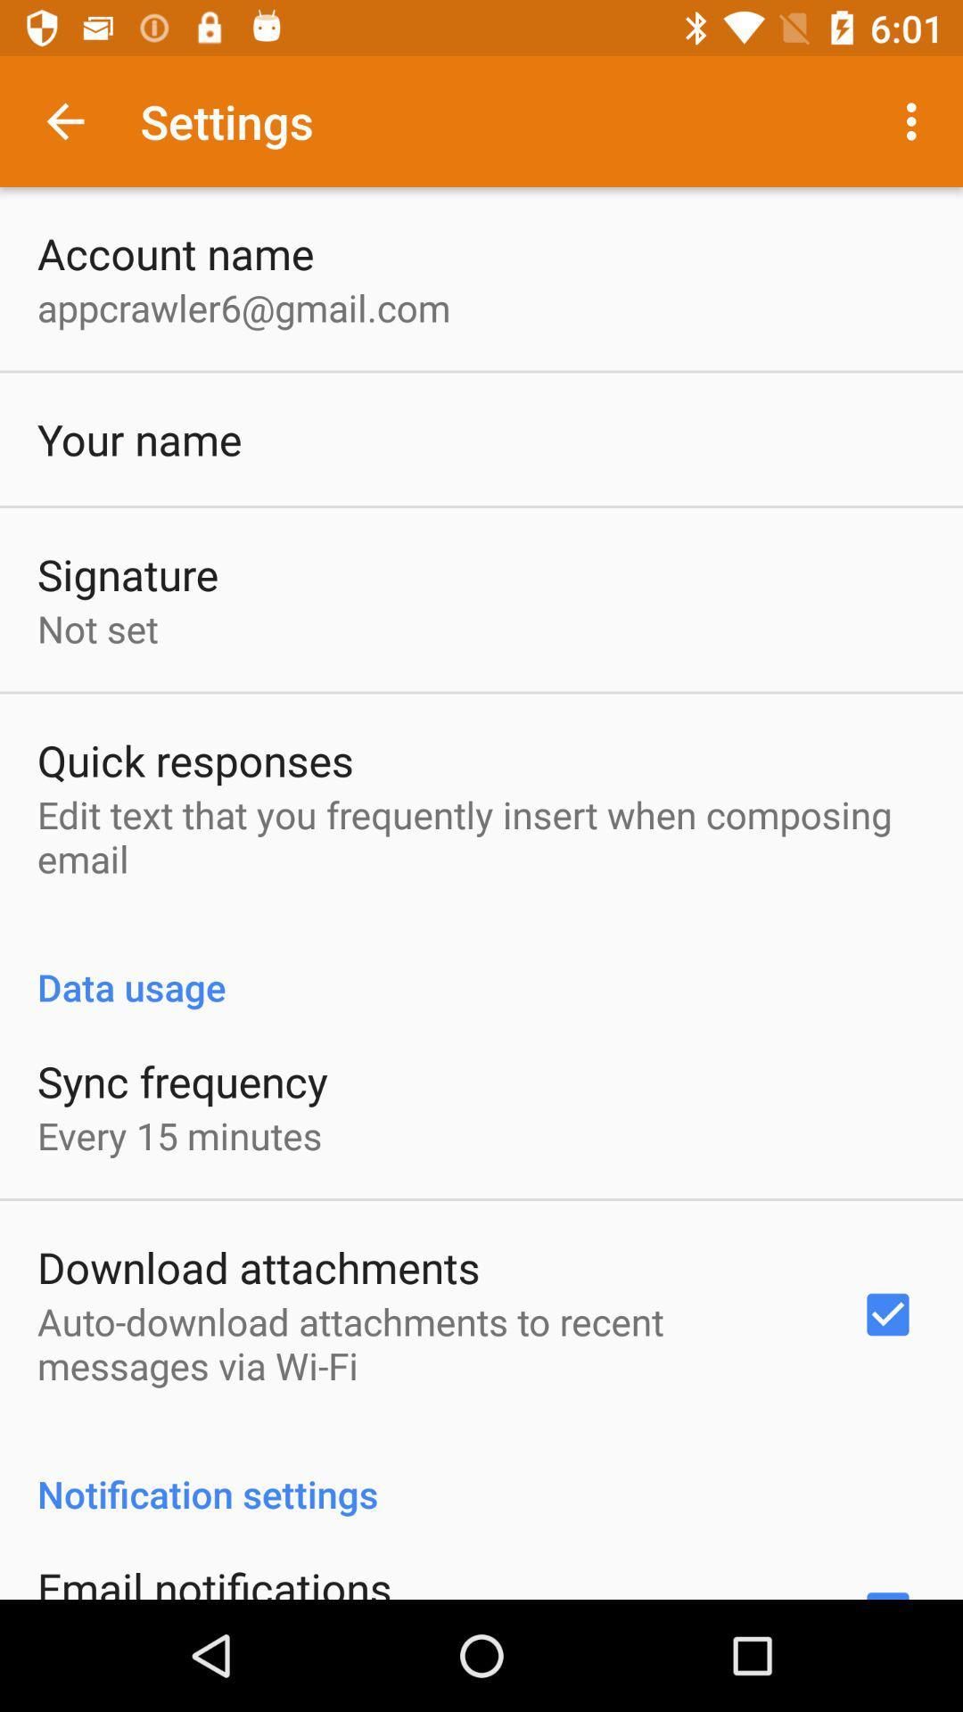  Describe the element at coordinates (64, 120) in the screenshot. I see `the icon to the left of the settings app` at that location.